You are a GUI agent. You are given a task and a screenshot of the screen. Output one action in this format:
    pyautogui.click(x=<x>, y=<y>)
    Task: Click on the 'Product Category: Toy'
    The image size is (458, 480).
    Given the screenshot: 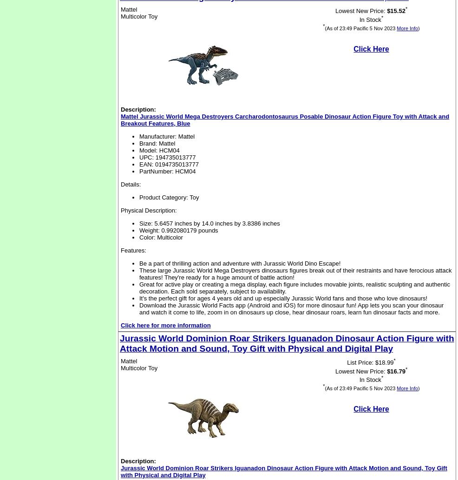 What is the action you would take?
    pyautogui.click(x=169, y=197)
    